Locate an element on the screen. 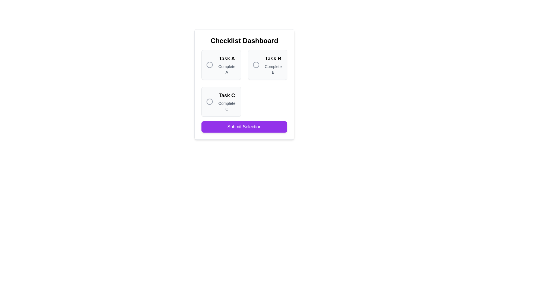 The height and width of the screenshot is (306, 544). the 'Submit Selection' button, which is a rectangular purple button with white text located at the bottom of the 'Checklist Dashboard' card is located at coordinates (244, 126).